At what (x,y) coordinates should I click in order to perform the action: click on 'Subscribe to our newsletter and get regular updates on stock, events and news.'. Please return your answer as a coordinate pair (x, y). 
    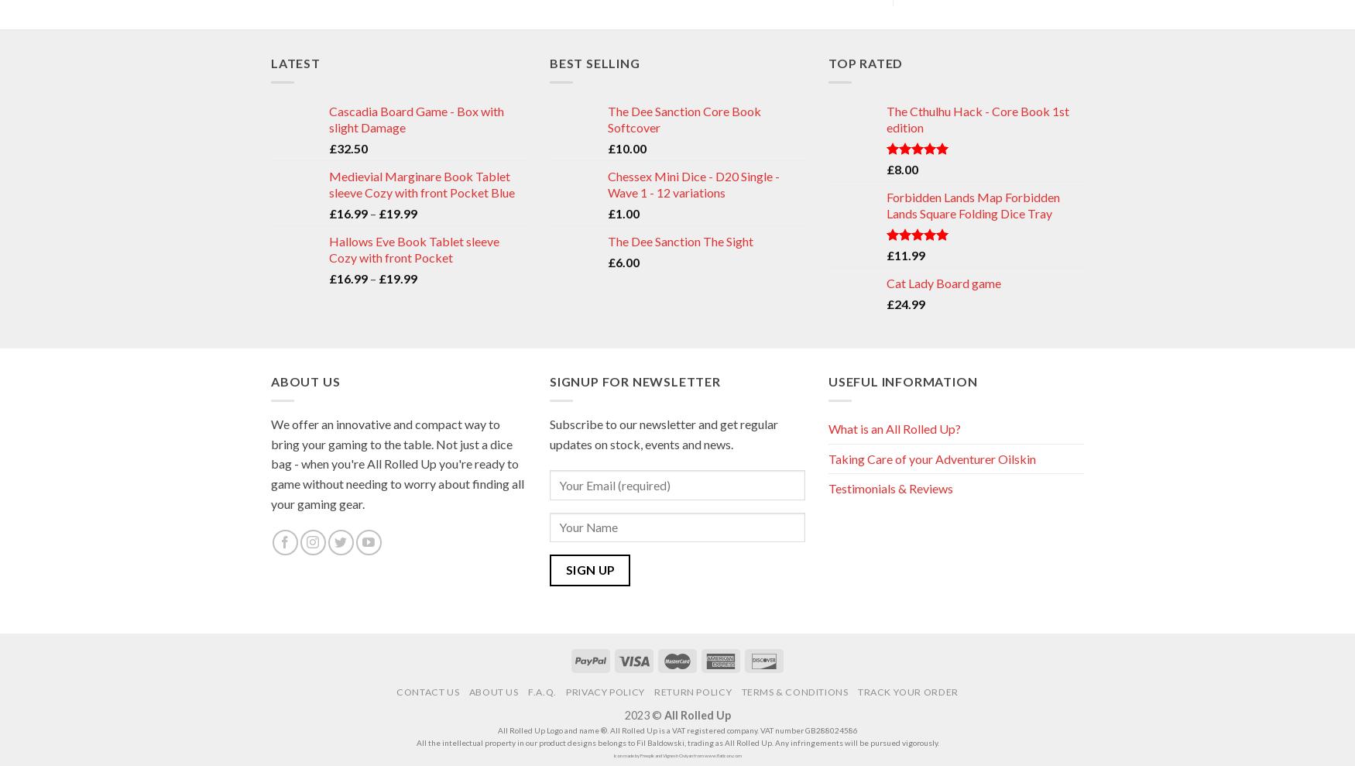
    Looking at the image, I should click on (664, 432).